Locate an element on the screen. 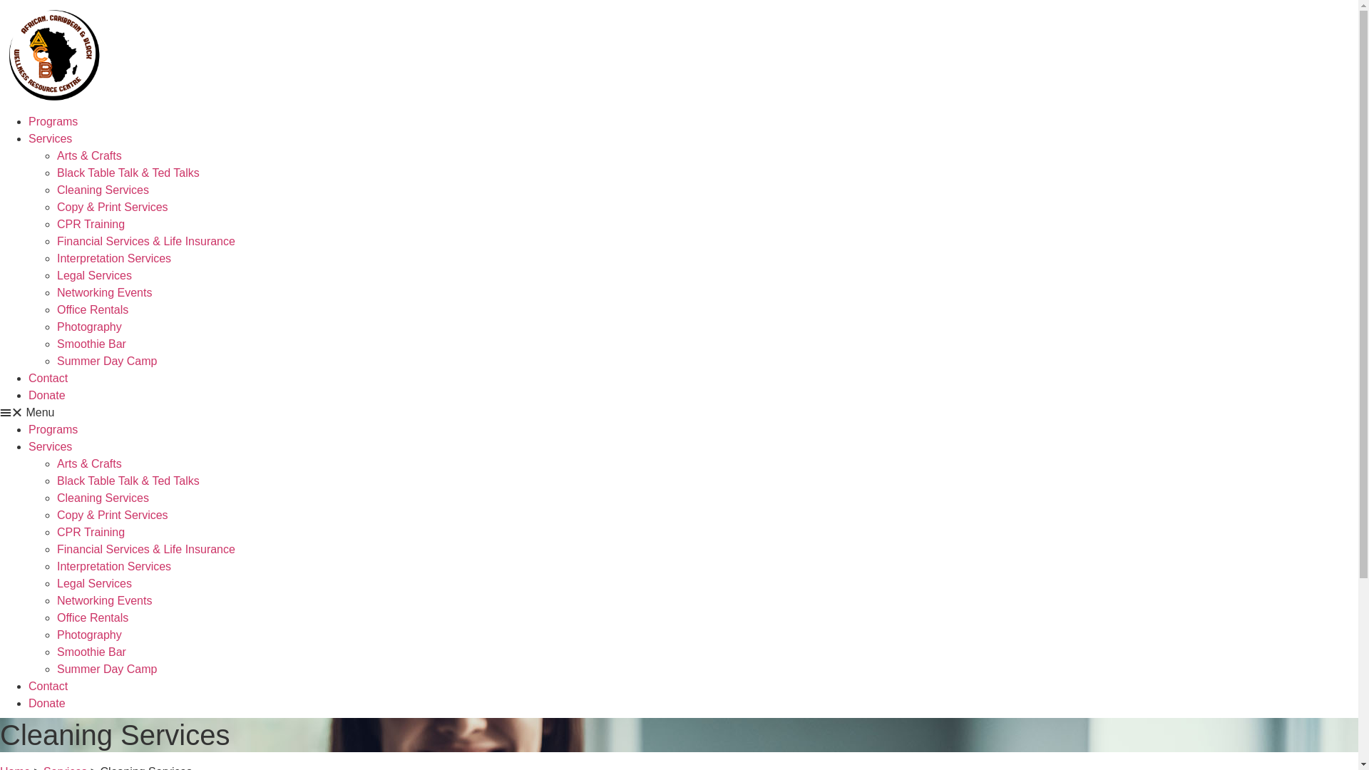 This screenshot has height=770, width=1369. 'Skip to content' is located at coordinates (0, 0).